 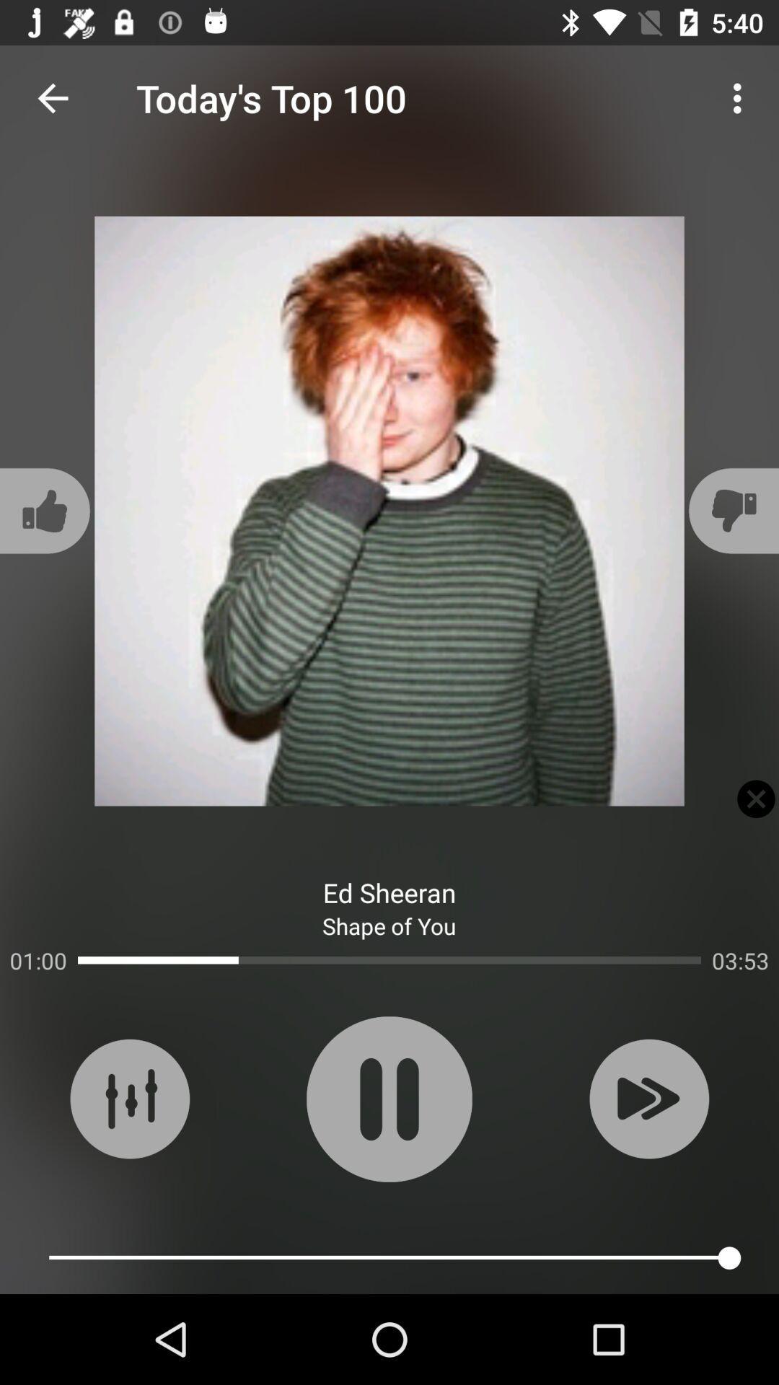 What do you see at coordinates (46, 511) in the screenshot?
I see `the thumbs_up icon` at bounding box center [46, 511].